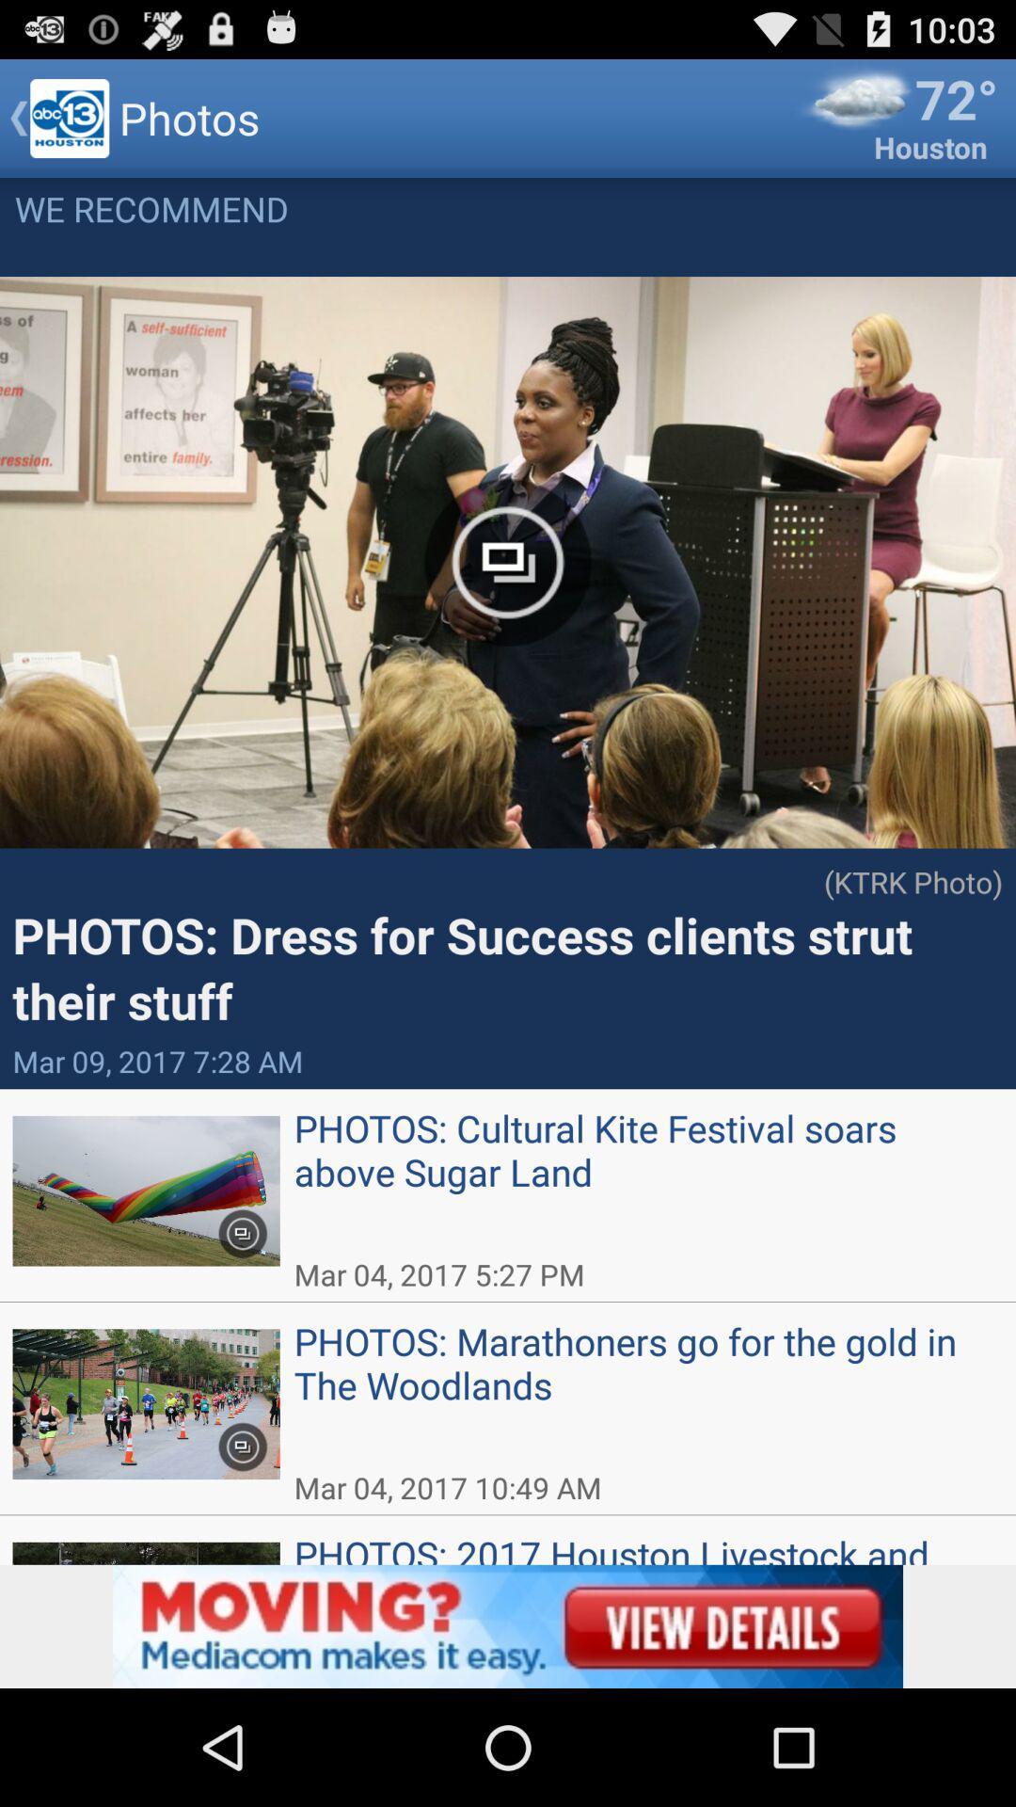  I want to click on the advertisement, so click(508, 1625).